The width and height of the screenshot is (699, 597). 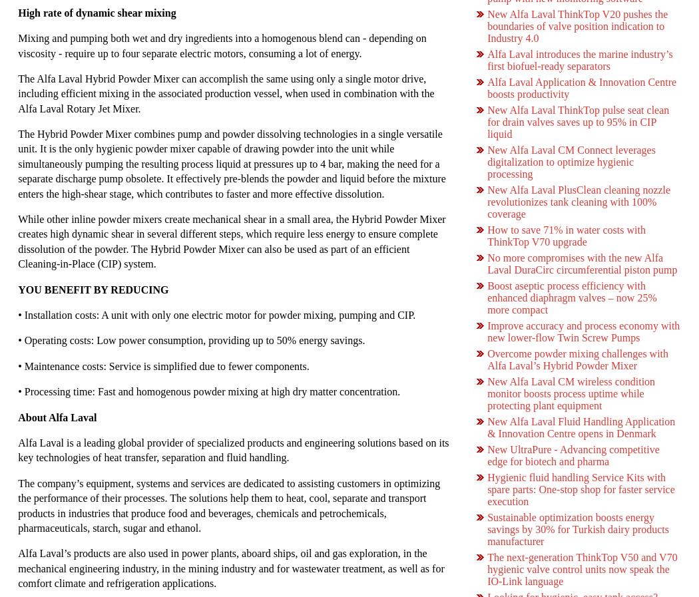 What do you see at coordinates (486, 25) in the screenshot?
I see `'New Alfa Laval ThinkTop V20 pushes the boundaries of valve position indication to Industry 4.0'` at bounding box center [486, 25].